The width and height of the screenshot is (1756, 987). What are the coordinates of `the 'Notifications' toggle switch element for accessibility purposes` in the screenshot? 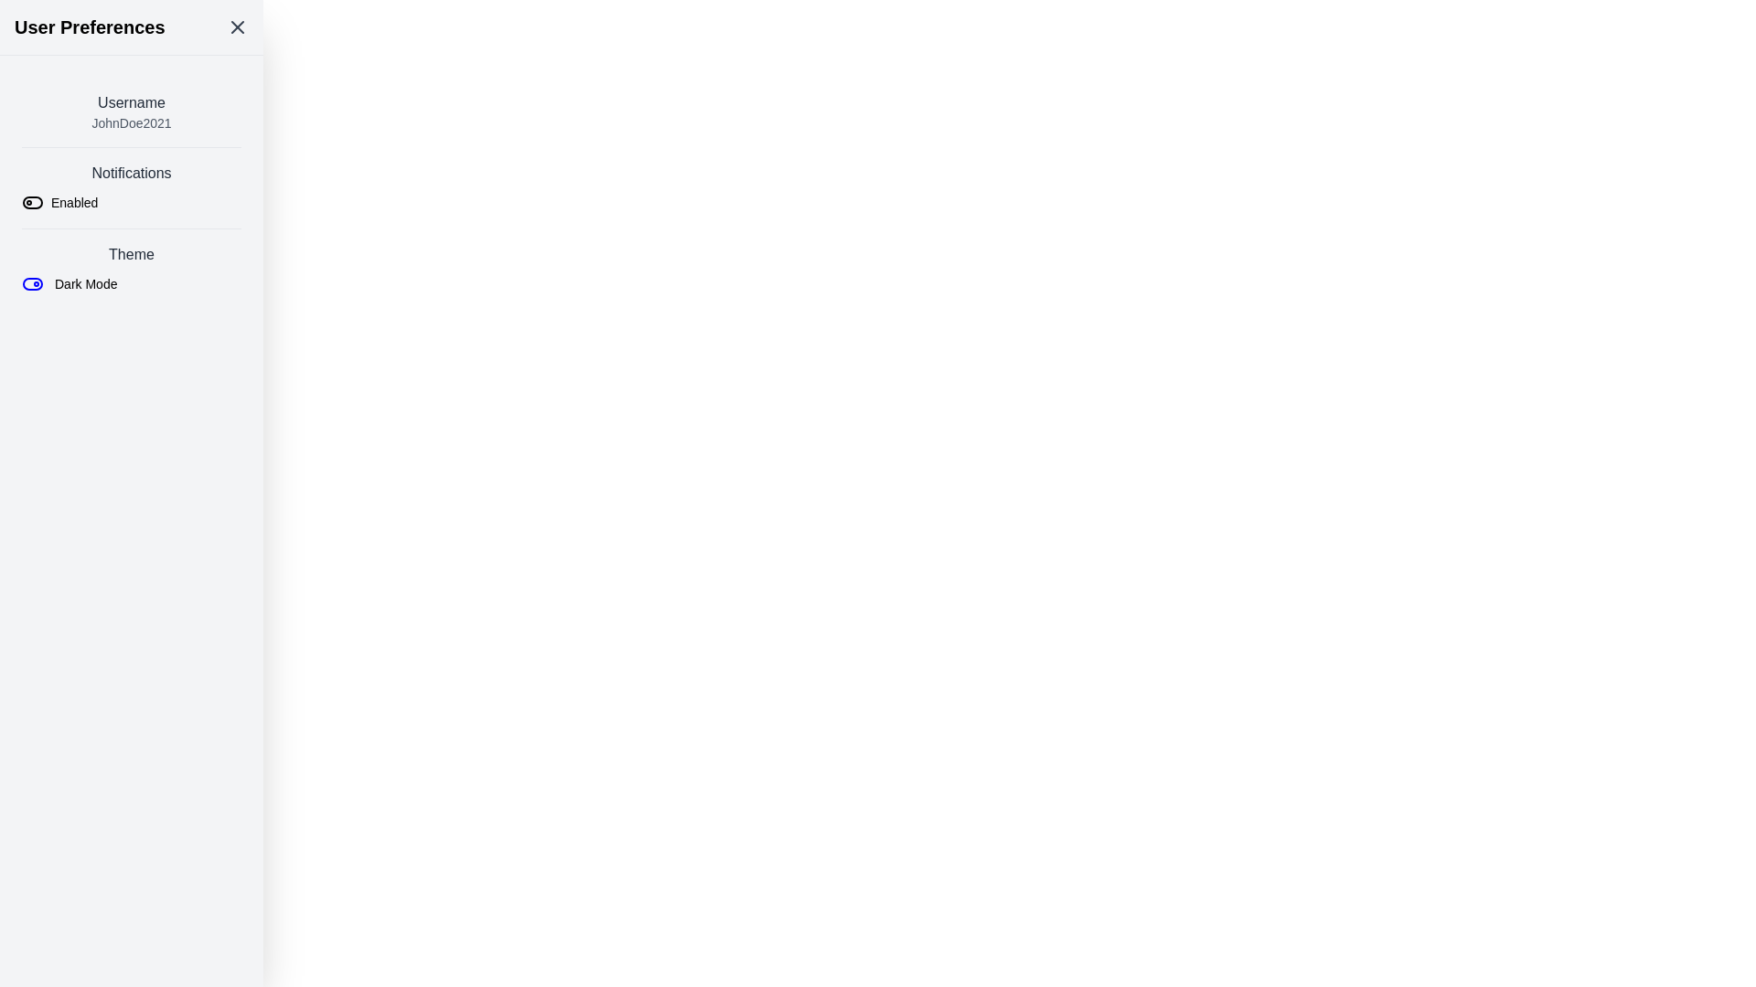 It's located at (131, 188).